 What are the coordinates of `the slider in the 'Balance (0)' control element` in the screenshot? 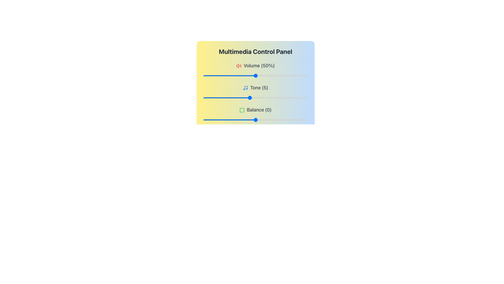 It's located at (255, 114).